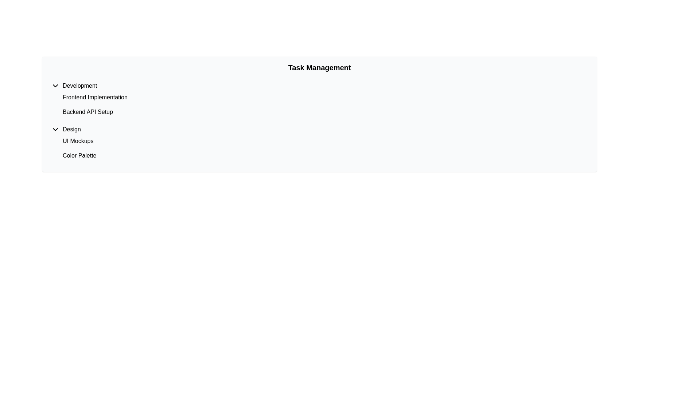  I want to click on the Text Label located in the 'Design' section, which provides a title or descriptor for the color palette feature, positioned beneath the 'UI Mockups' label, so click(79, 155).